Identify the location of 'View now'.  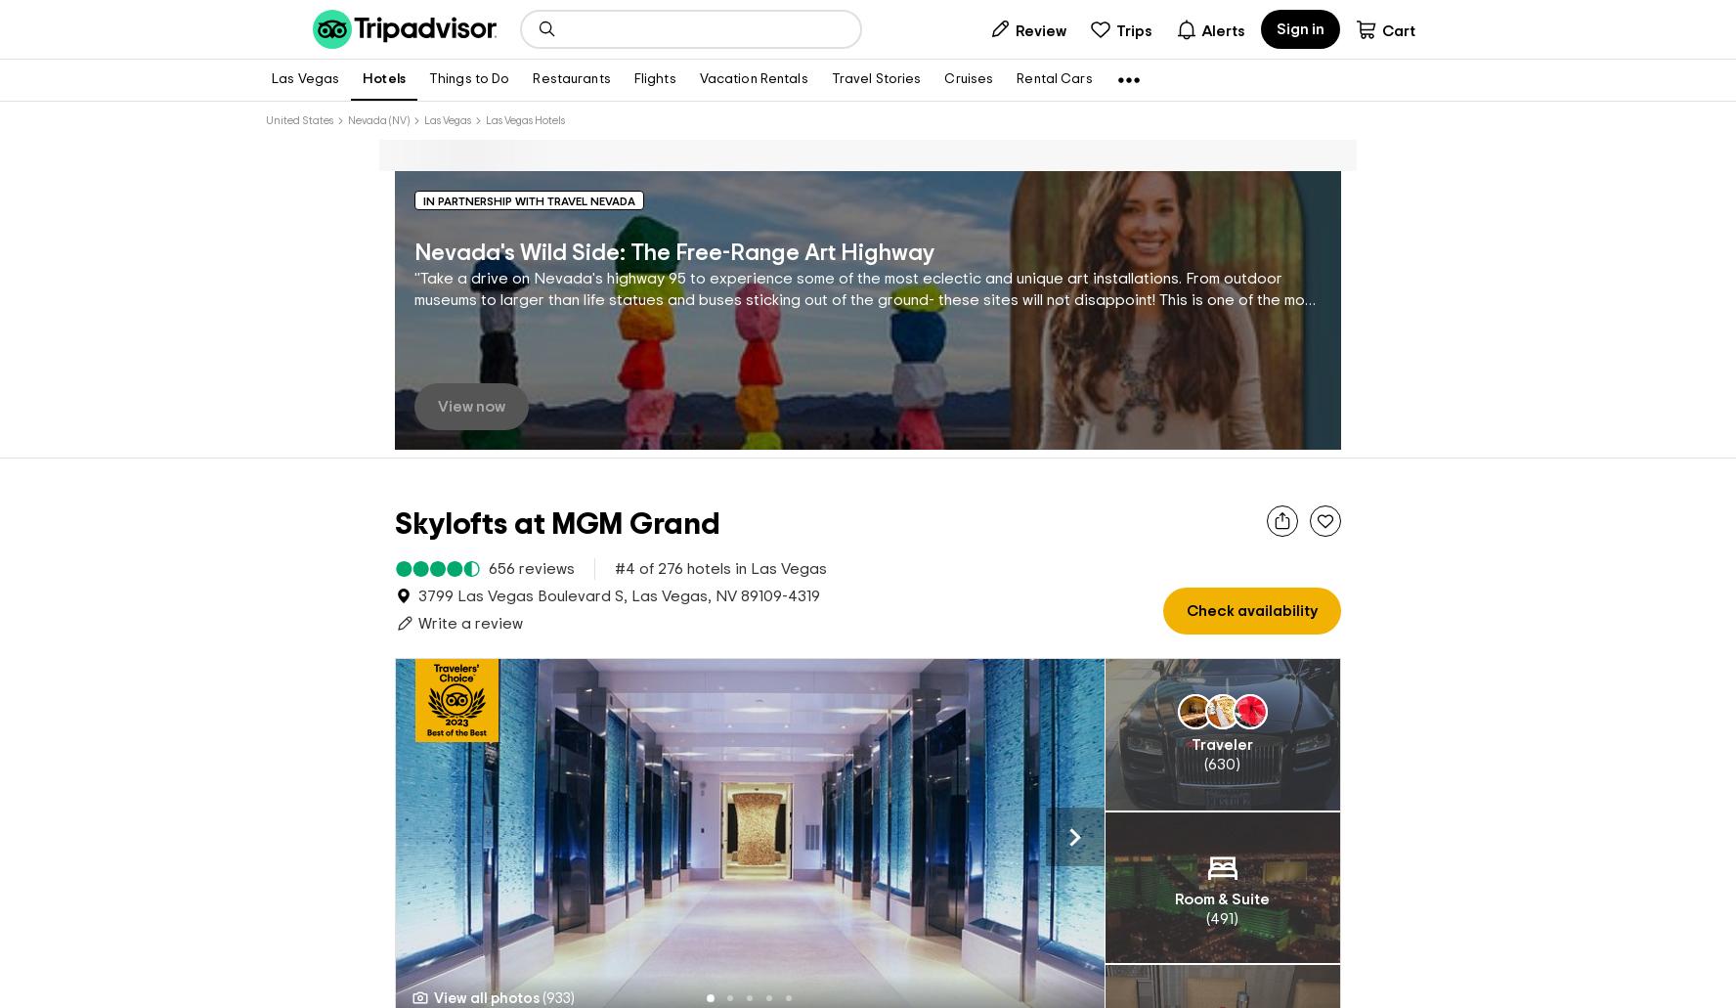
(470, 374).